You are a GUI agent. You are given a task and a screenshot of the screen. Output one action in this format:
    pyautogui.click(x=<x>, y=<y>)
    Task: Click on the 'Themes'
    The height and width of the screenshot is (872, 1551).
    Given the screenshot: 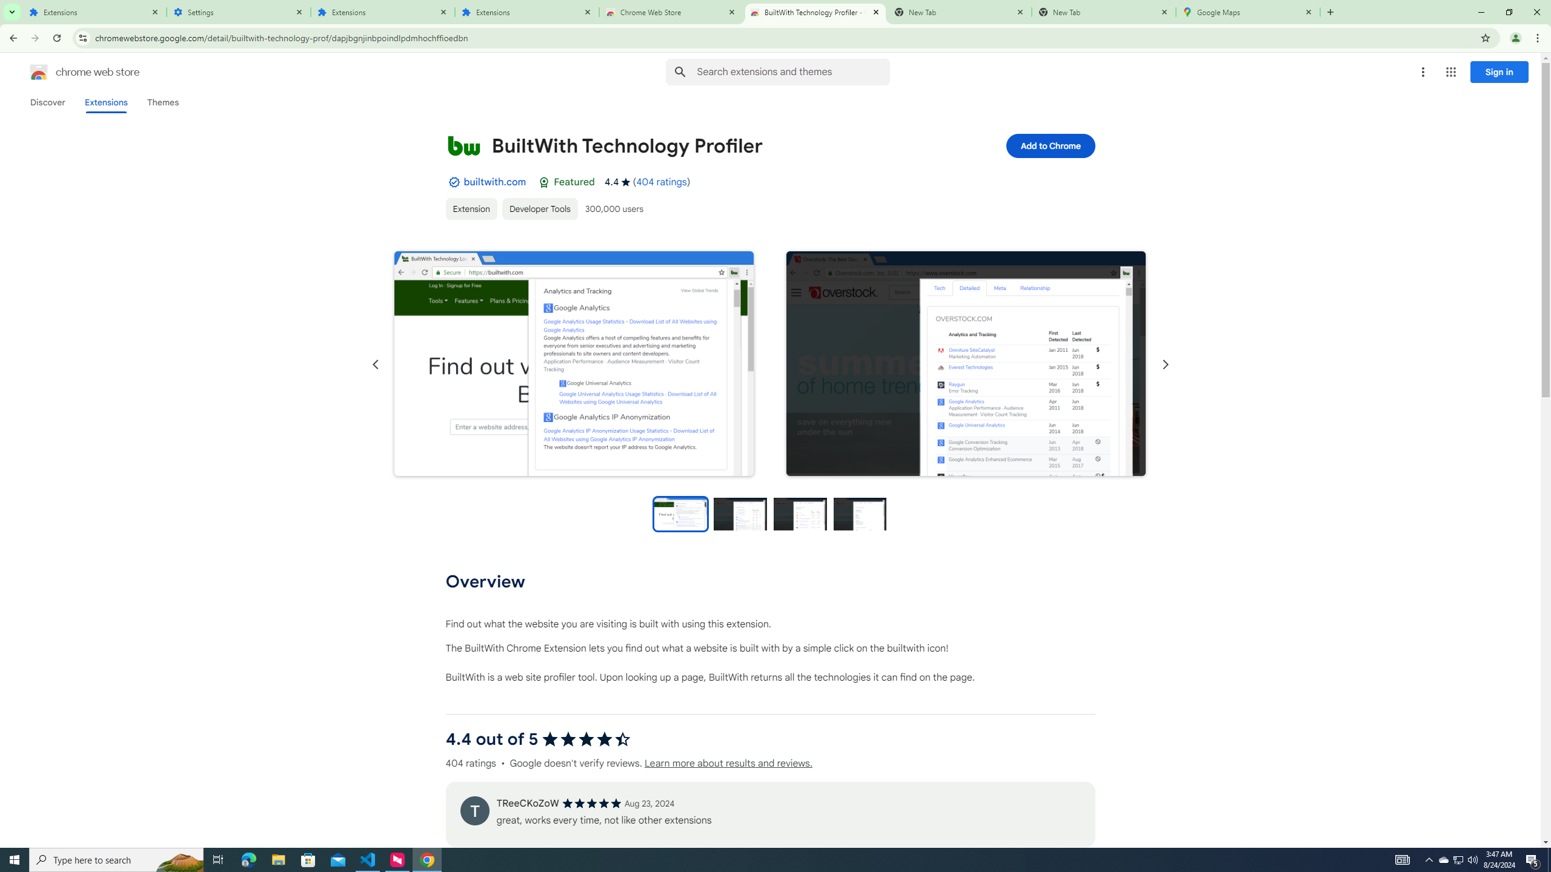 What is the action you would take?
    pyautogui.click(x=162, y=102)
    